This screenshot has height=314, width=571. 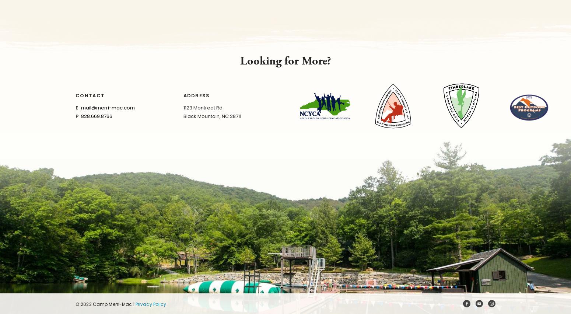 What do you see at coordinates (212, 116) in the screenshot?
I see `'Black Mountain, NC 28711'` at bounding box center [212, 116].